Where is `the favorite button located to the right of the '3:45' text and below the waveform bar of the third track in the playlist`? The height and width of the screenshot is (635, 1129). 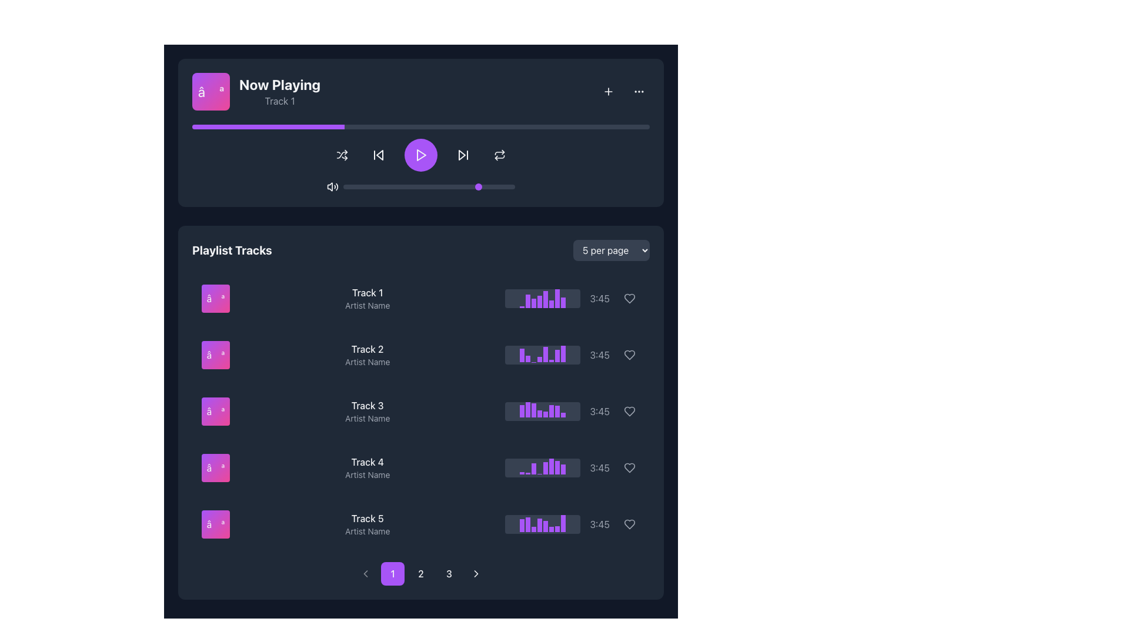
the favorite button located to the right of the '3:45' text and below the waveform bar of the third track in the playlist is located at coordinates (629, 410).